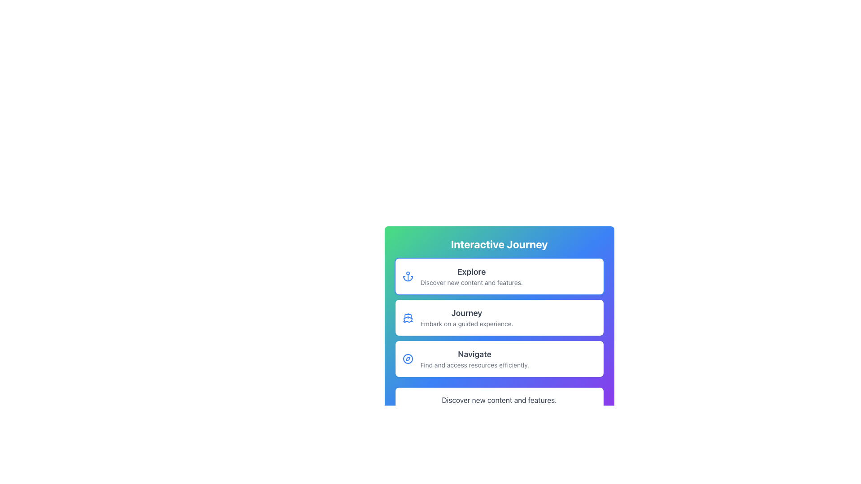 The width and height of the screenshot is (861, 484). Describe the element at coordinates (499, 244) in the screenshot. I see `the context of the surrounding interface` at that location.